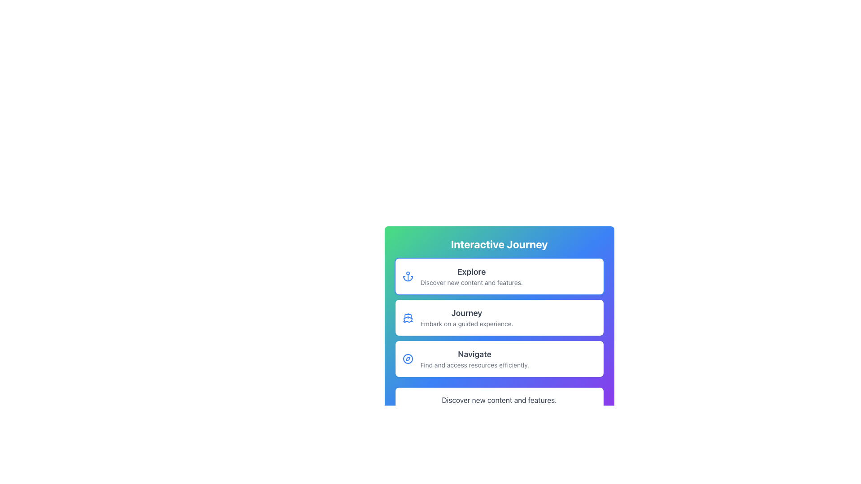 The width and height of the screenshot is (861, 484). Describe the element at coordinates (499, 244) in the screenshot. I see `the context of the surrounding interface` at that location.